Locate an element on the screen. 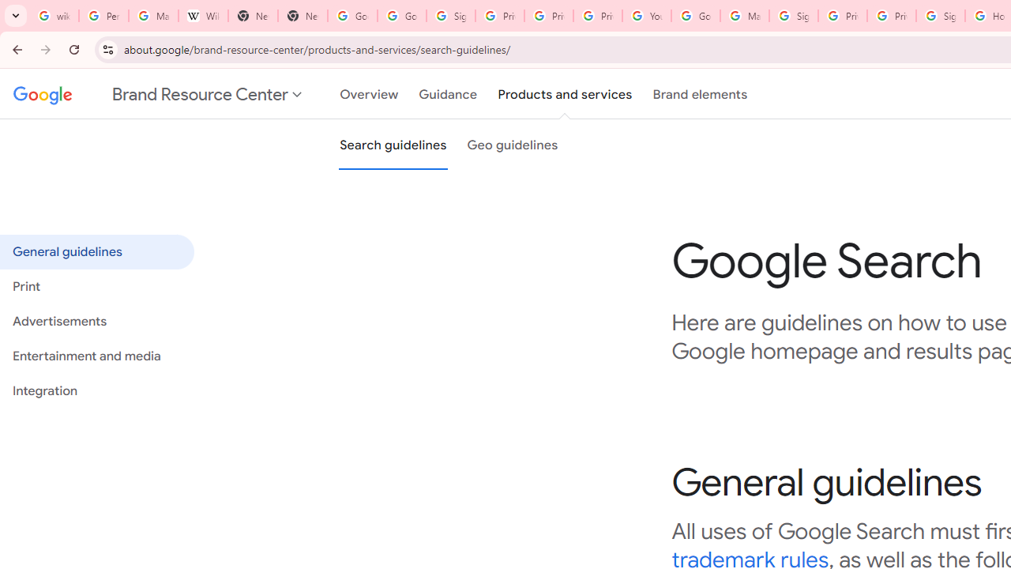 This screenshot has height=569, width=1011. 'Brand elements' is located at coordinates (699, 94).